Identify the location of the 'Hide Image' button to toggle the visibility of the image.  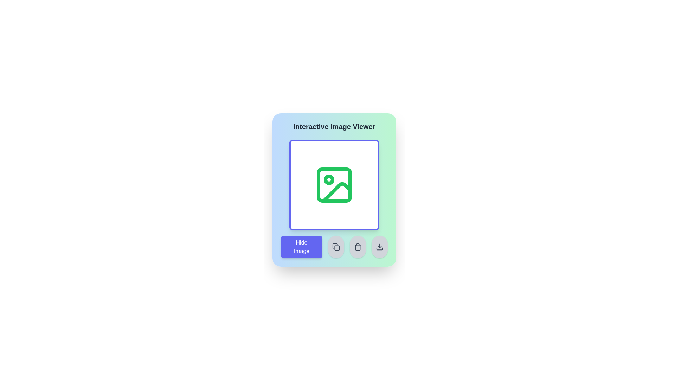
(302, 247).